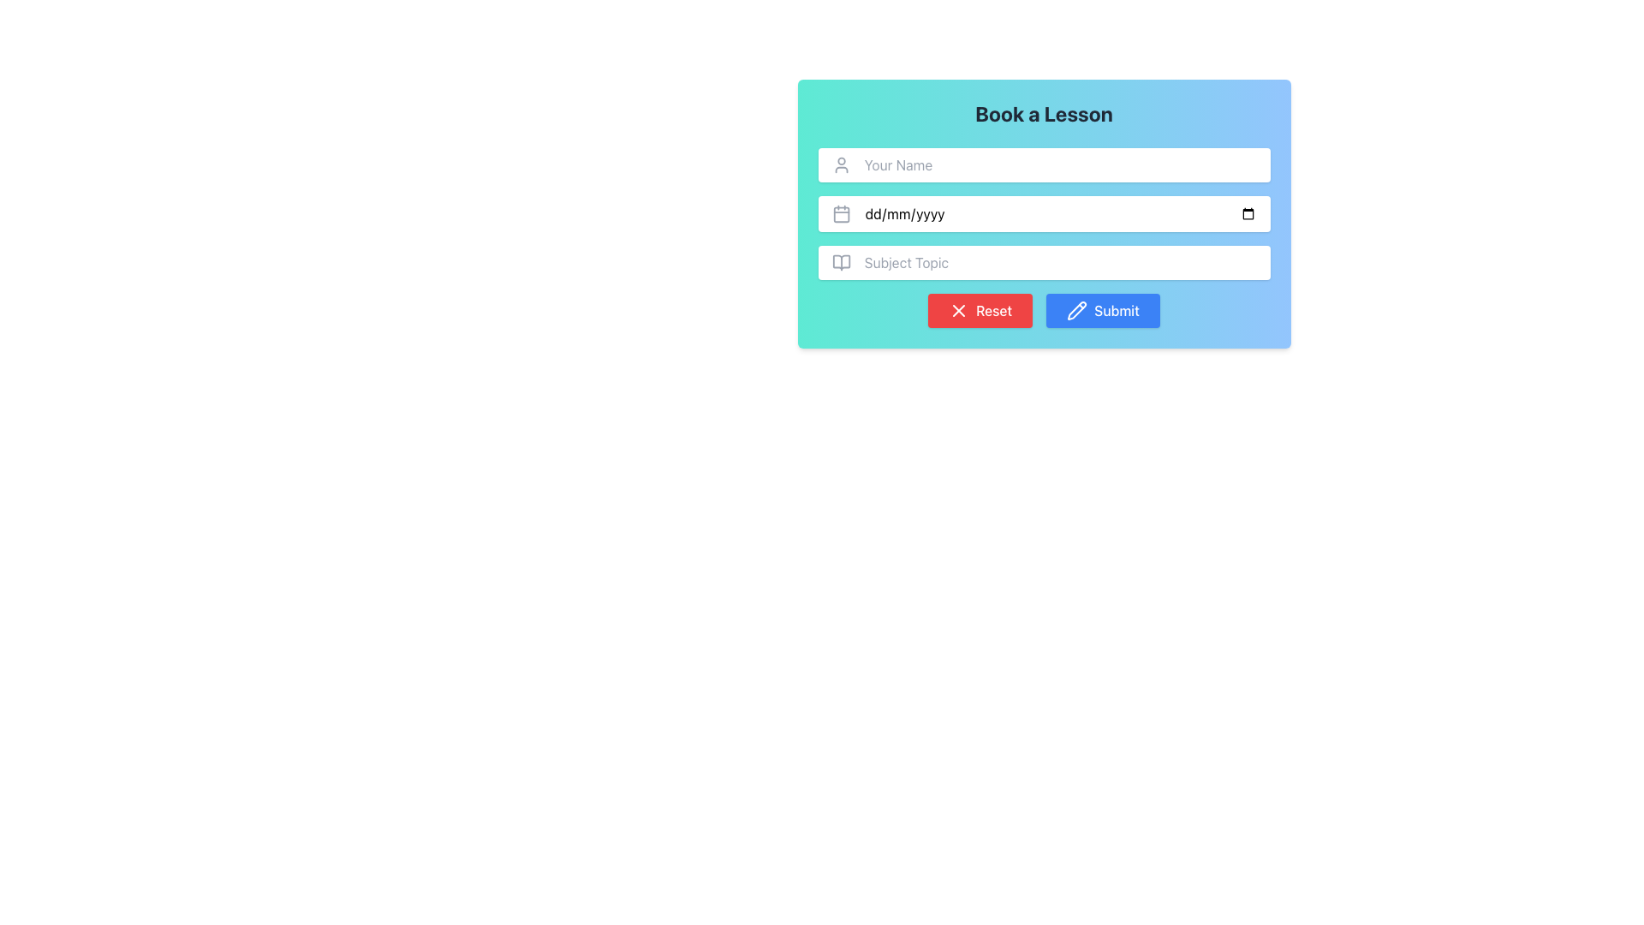 The height and width of the screenshot is (925, 1644). Describe the element at coordinates (841, 263) in the screenshot. I see `the graphical book icon that indicates the subject topic input field, located immediately to the left of the 'Subject Topic' text input field` at that location.